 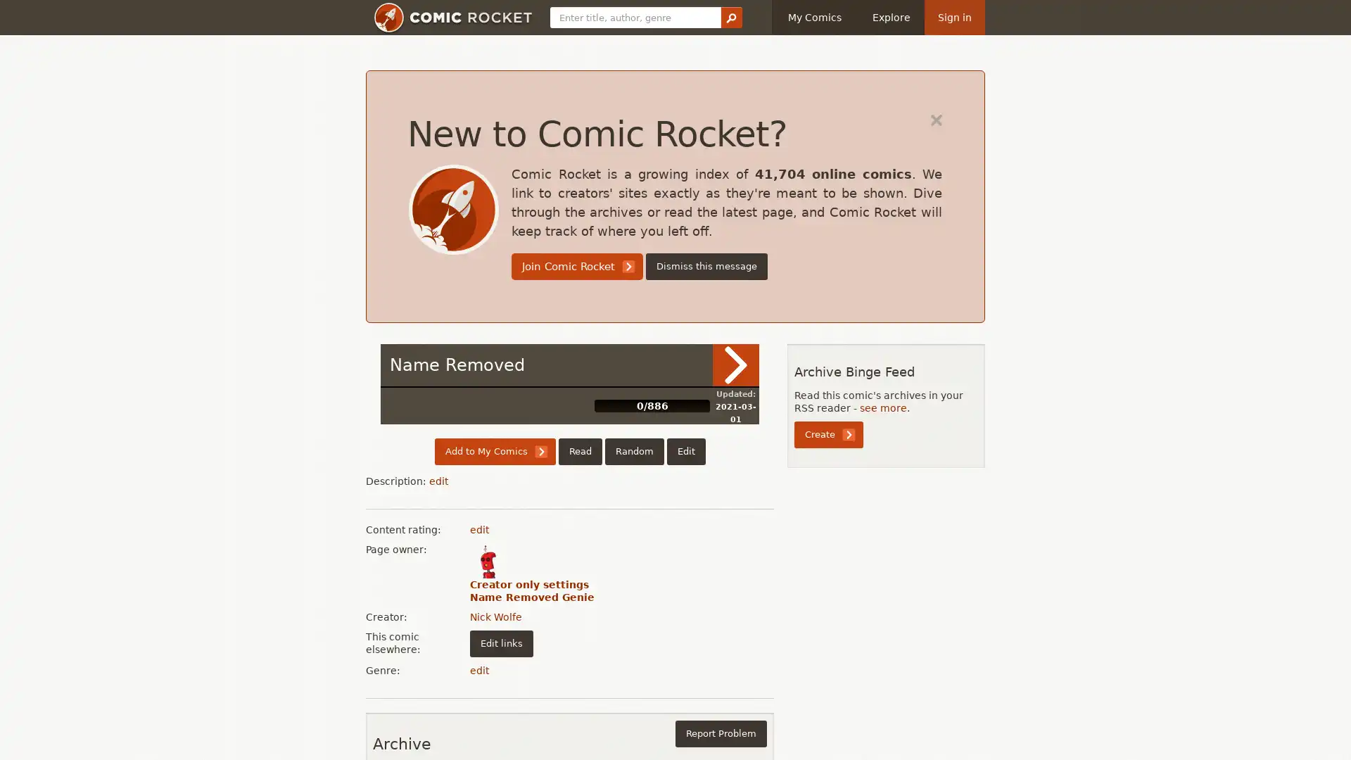 I want to click on Create, so click(x=828, y=433).